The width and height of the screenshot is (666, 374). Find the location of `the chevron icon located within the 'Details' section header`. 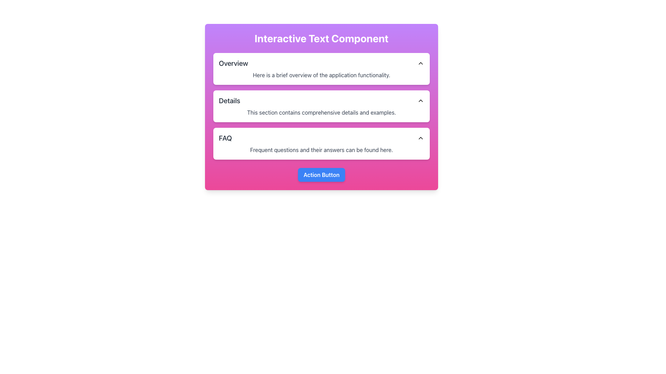

the chevron icon located within the 'Details' section header is located at coordinates (420, 100).